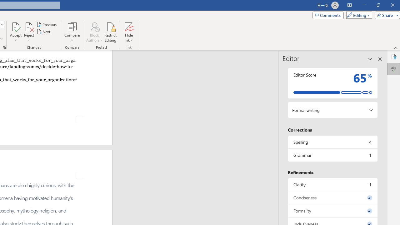 The width and height of the screenshot is (400, 225). I want to click on 'Clarity, 1 issue. Press space or enter to review items.', so click(332, 184).